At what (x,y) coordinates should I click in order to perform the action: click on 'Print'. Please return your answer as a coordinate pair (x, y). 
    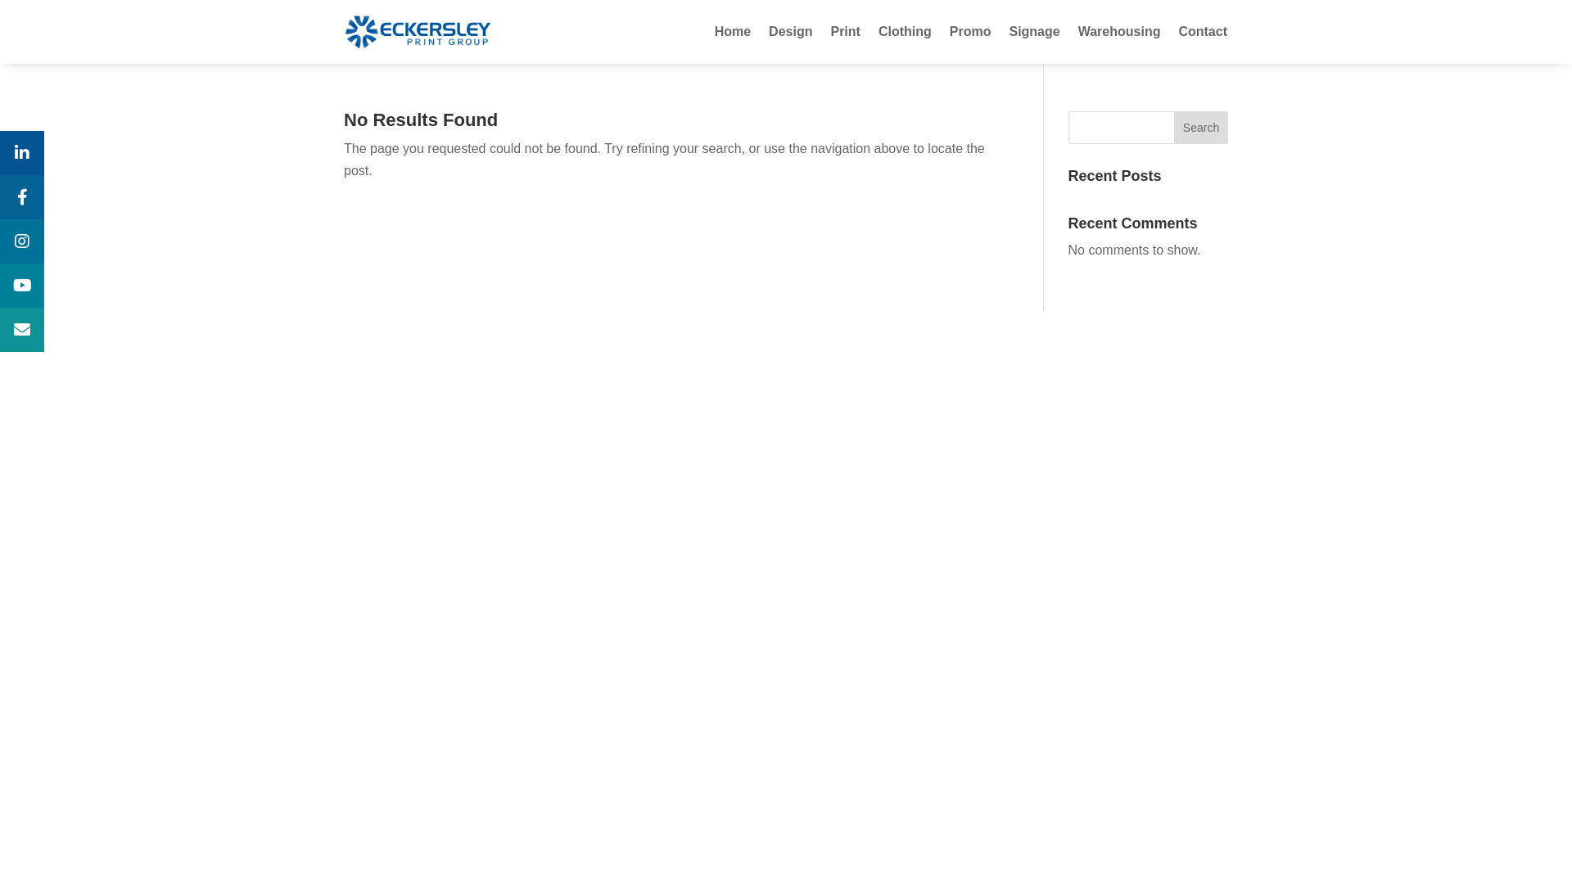
    Looking at the image, I should click on (845, 31).